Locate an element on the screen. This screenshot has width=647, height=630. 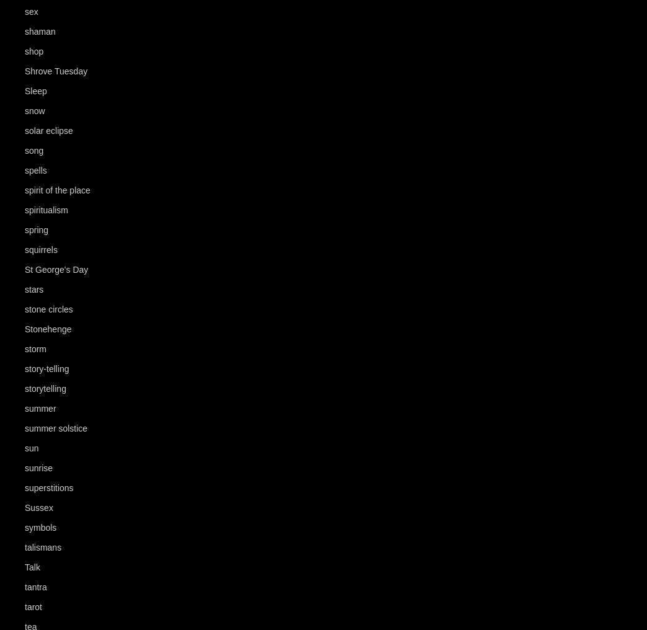
'sunrise' is located at coordinates (38, 468).